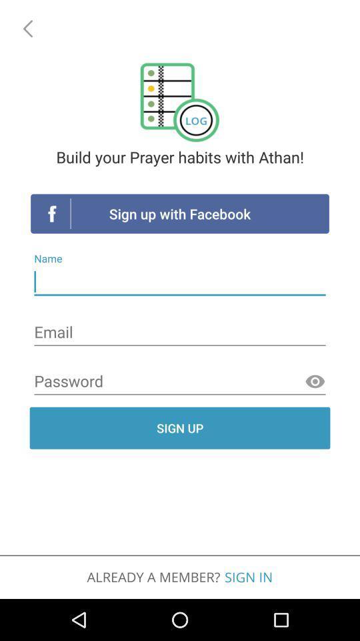 This screenshot has height=641, width=360. What do you see at coordinates (26, 25) in the screenshot?
I see `the arrow_backward icon` at bounding box center [26, 25].